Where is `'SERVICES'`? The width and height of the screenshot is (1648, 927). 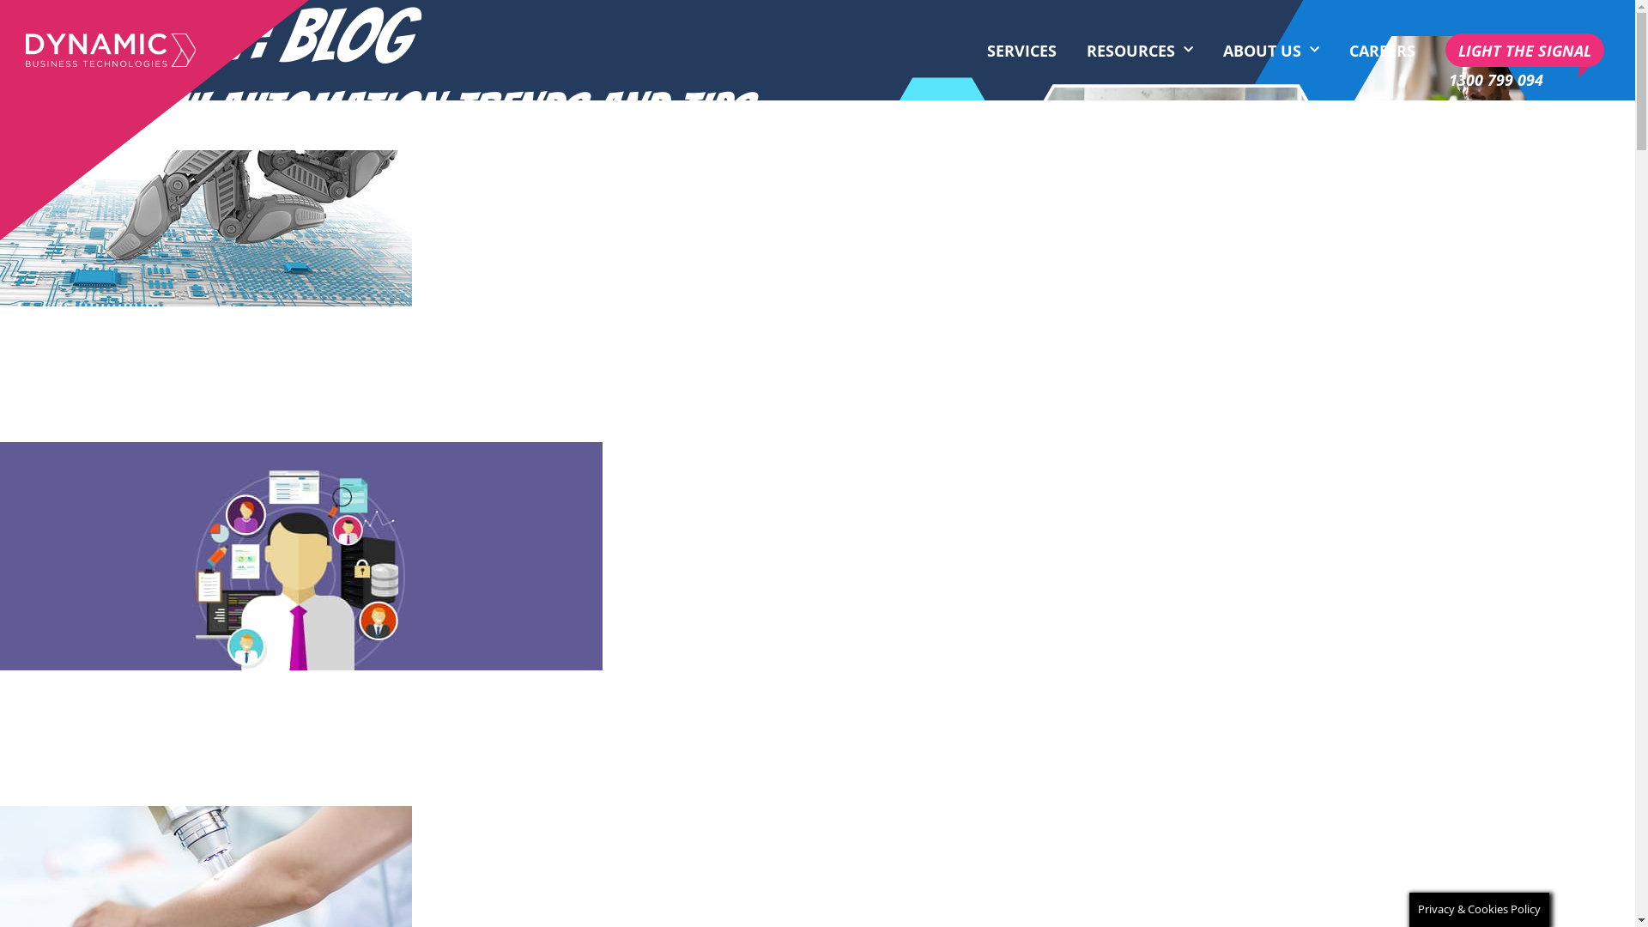
'SERVICES' is located at coordinates (1021, 49).